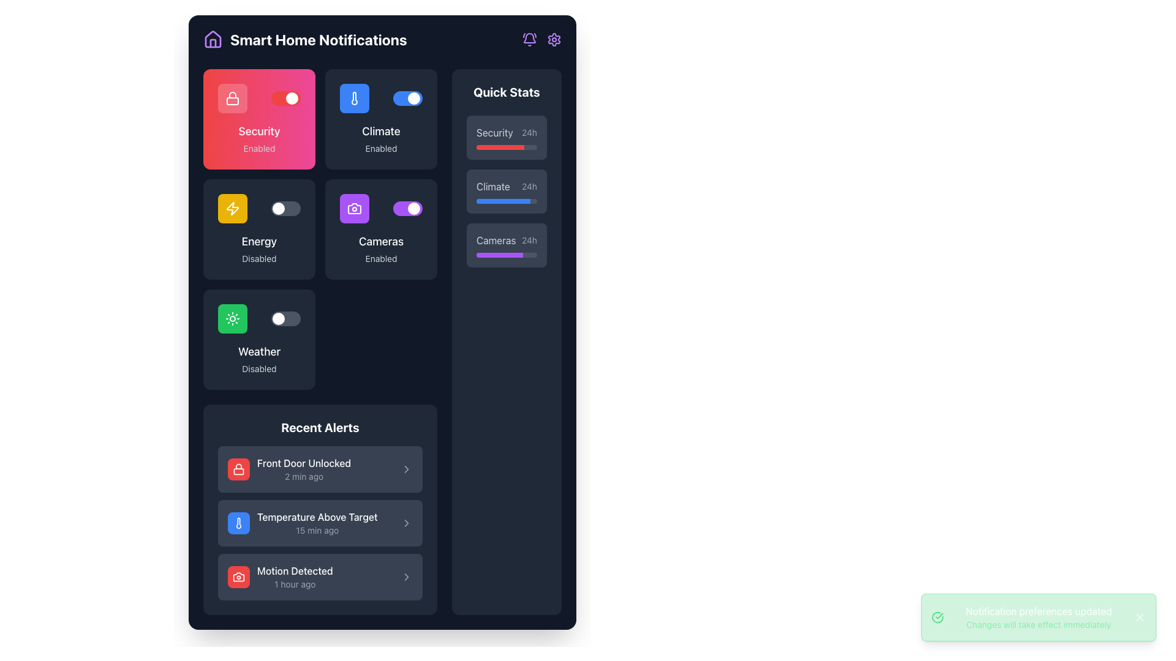 This screenshot has height=661, width=1176. Describe the element at coordinates (406, 577) in the screenshot. I see `the navigation indicator icon located to the right of the 'Motion Detected' list item in the 'Recent Alerts' section for visual guidance` at that location.